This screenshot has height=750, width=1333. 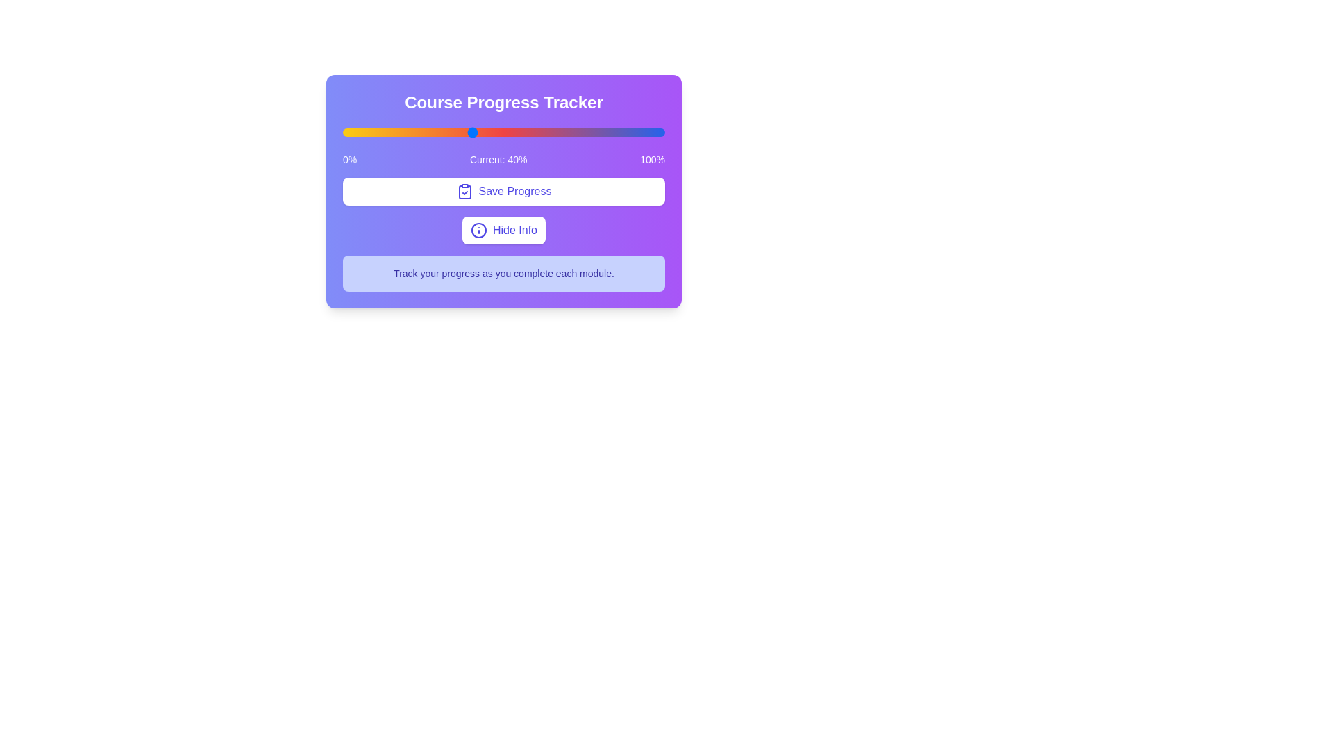 I want to click on progress percentage, so click(x=558, y=133).